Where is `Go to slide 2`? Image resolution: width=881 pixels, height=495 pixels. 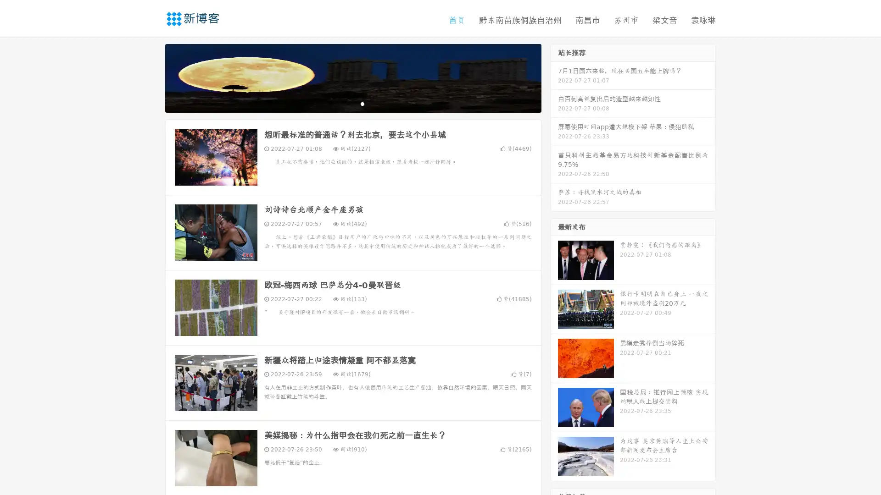
Go to slide 2 is located at coordinates (352, 103).